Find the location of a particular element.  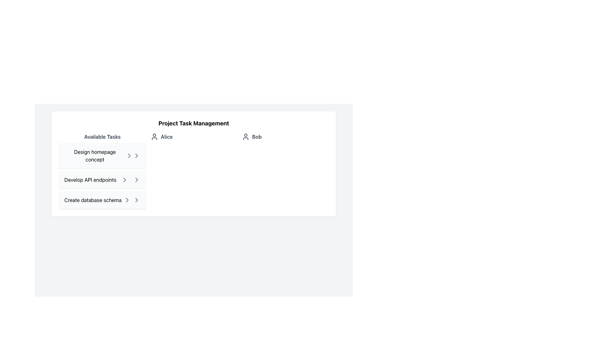

the rightward-pointing chevron icon, which is part of the 'Create database schema' option in the 'Available Tasks' section is located at coordinates (136, 200).